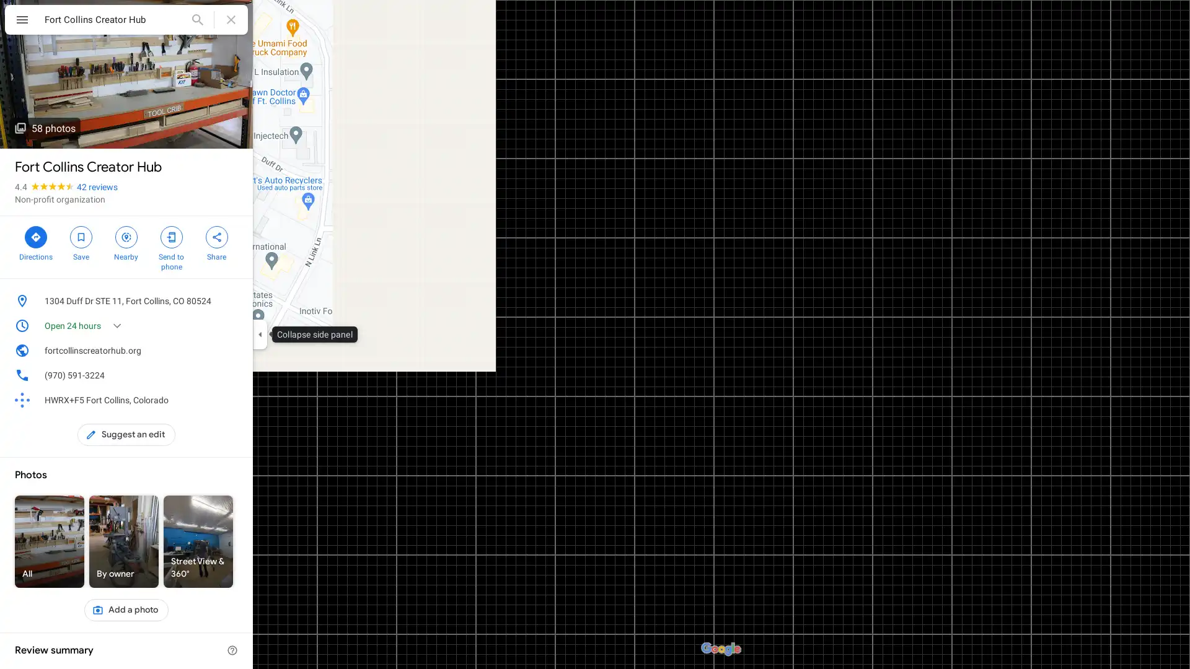  What do you see at coordinates (213, 400) in the screenshot?
I see `Copy plus code` at bounding box center [213, 400].